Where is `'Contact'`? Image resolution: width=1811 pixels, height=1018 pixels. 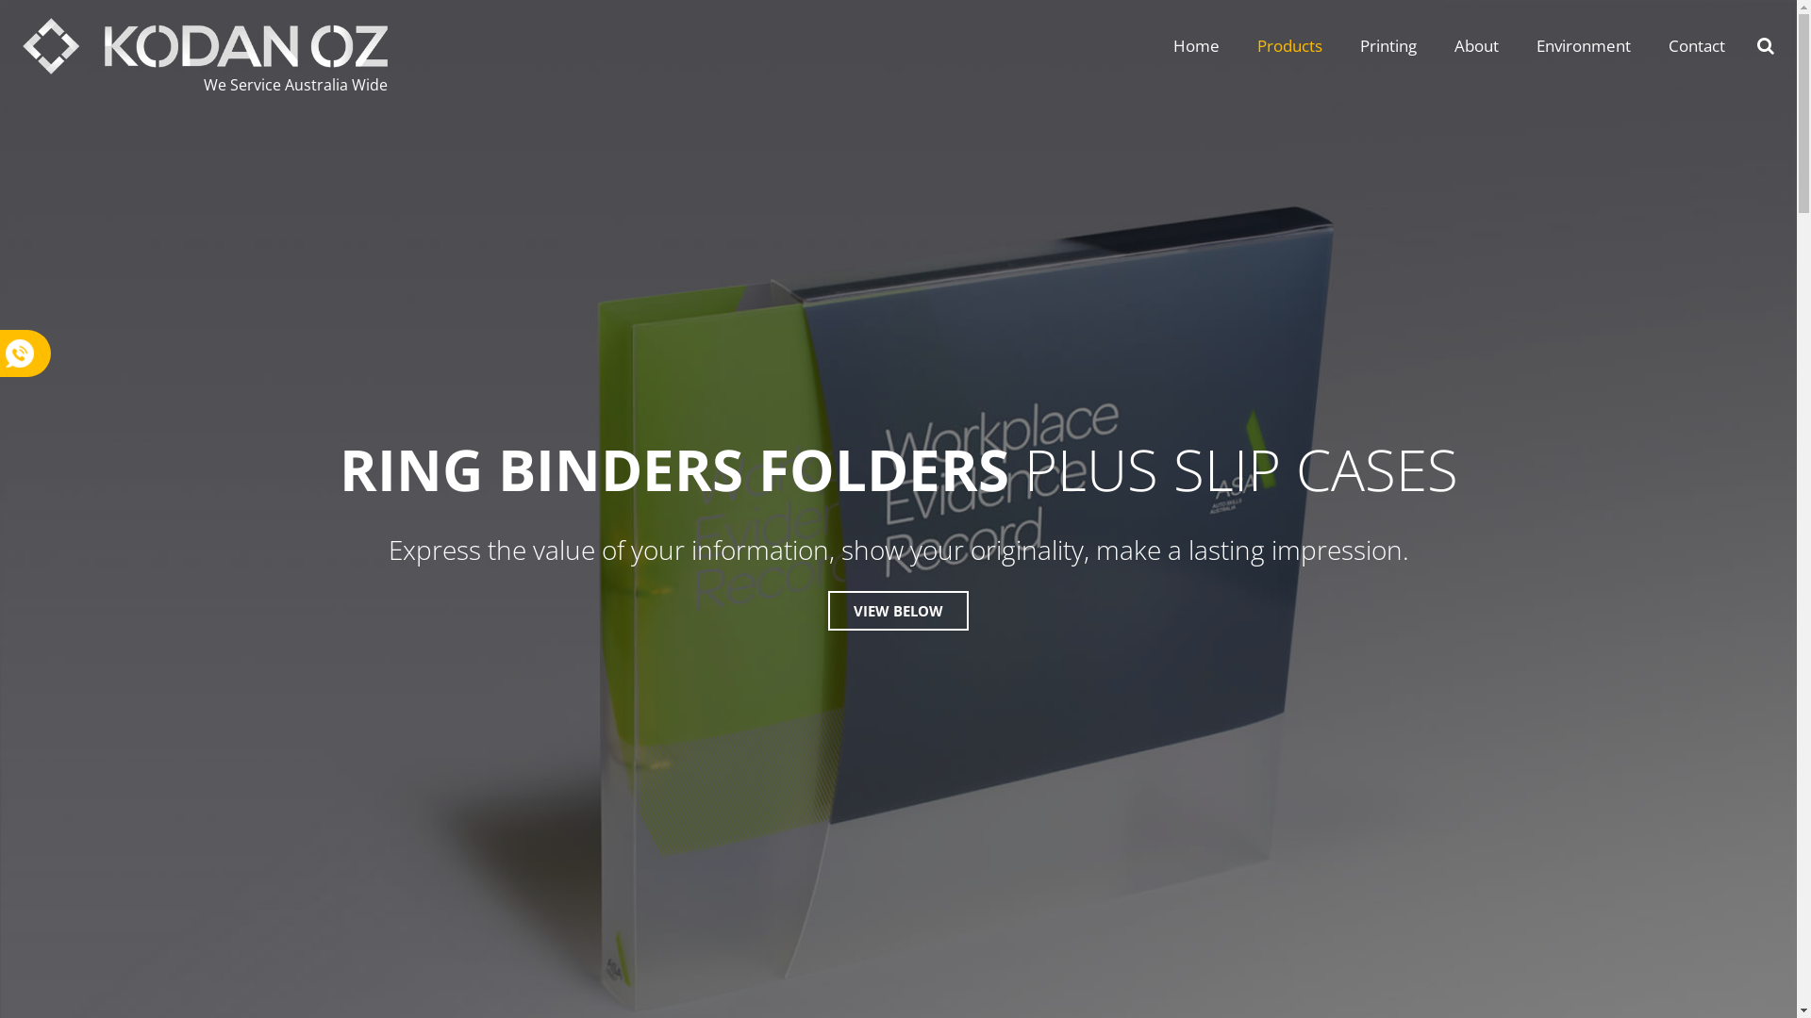 'Contact' is located at coordinates (1648, 45).